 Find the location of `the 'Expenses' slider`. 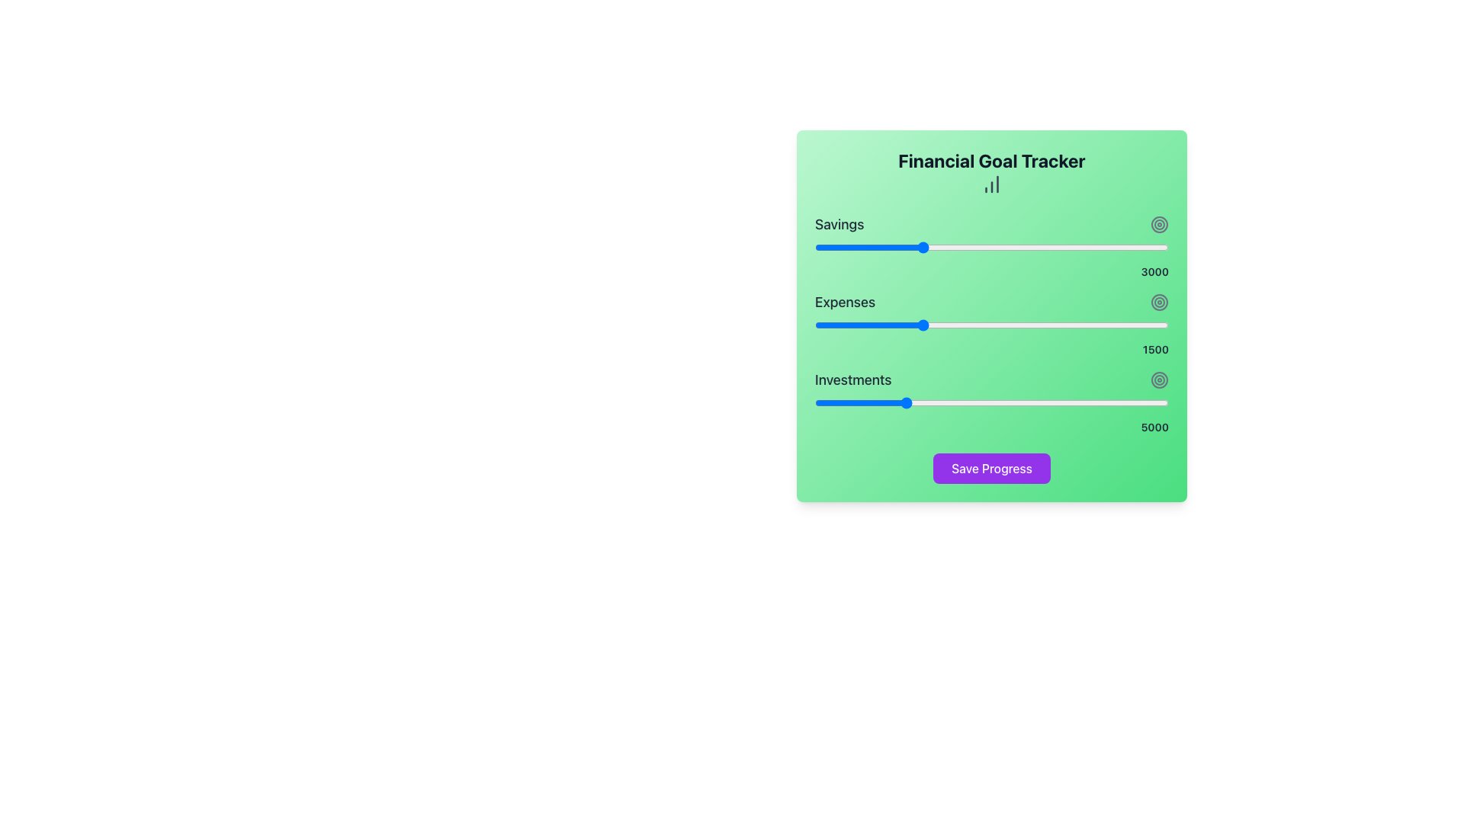

the 'Expenses' slider is located at coordinates (991, 325).